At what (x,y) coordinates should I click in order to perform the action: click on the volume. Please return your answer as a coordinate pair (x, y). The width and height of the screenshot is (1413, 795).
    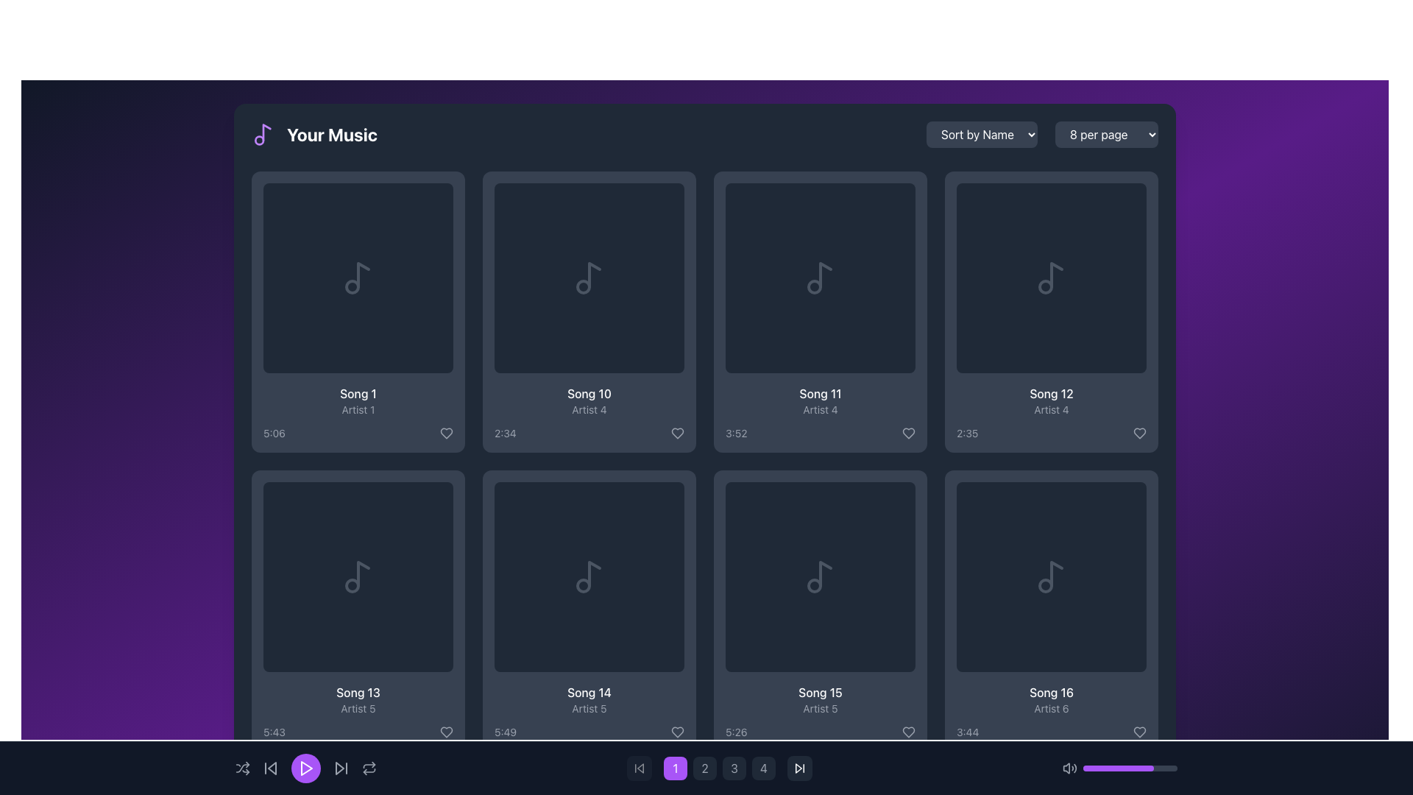
    Looking at the image, I should click on (1100, 768).